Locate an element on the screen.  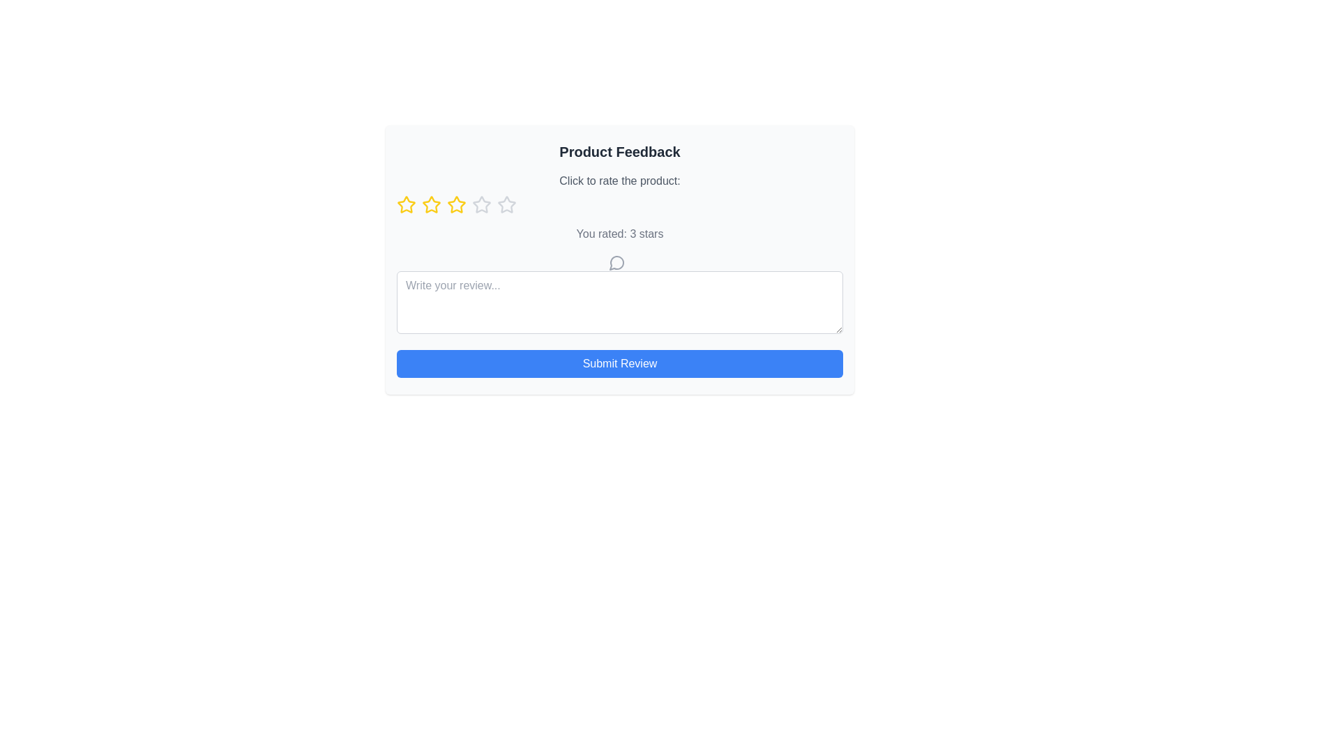
the third yellow star icon with a hollow center in the row of rating stars is located at coordinates (431, 204).